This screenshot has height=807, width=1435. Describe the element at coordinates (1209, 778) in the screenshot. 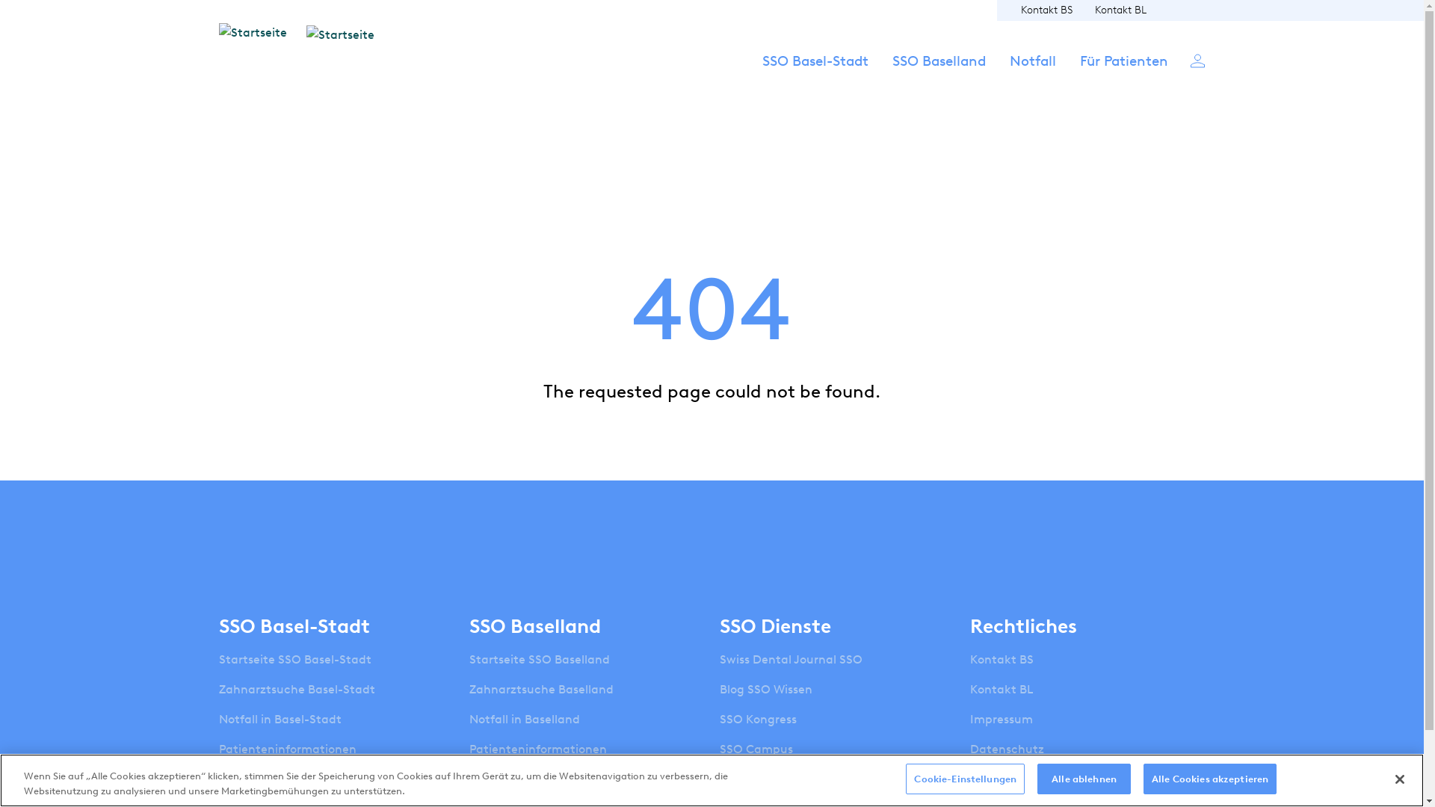

I see `'Alle Cookies akzeptieren'` at that location.